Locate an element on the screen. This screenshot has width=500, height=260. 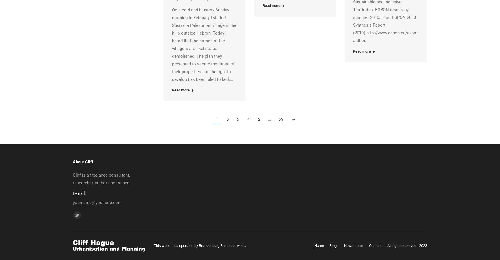
'Blogs' is located at coordinates (334, 245).